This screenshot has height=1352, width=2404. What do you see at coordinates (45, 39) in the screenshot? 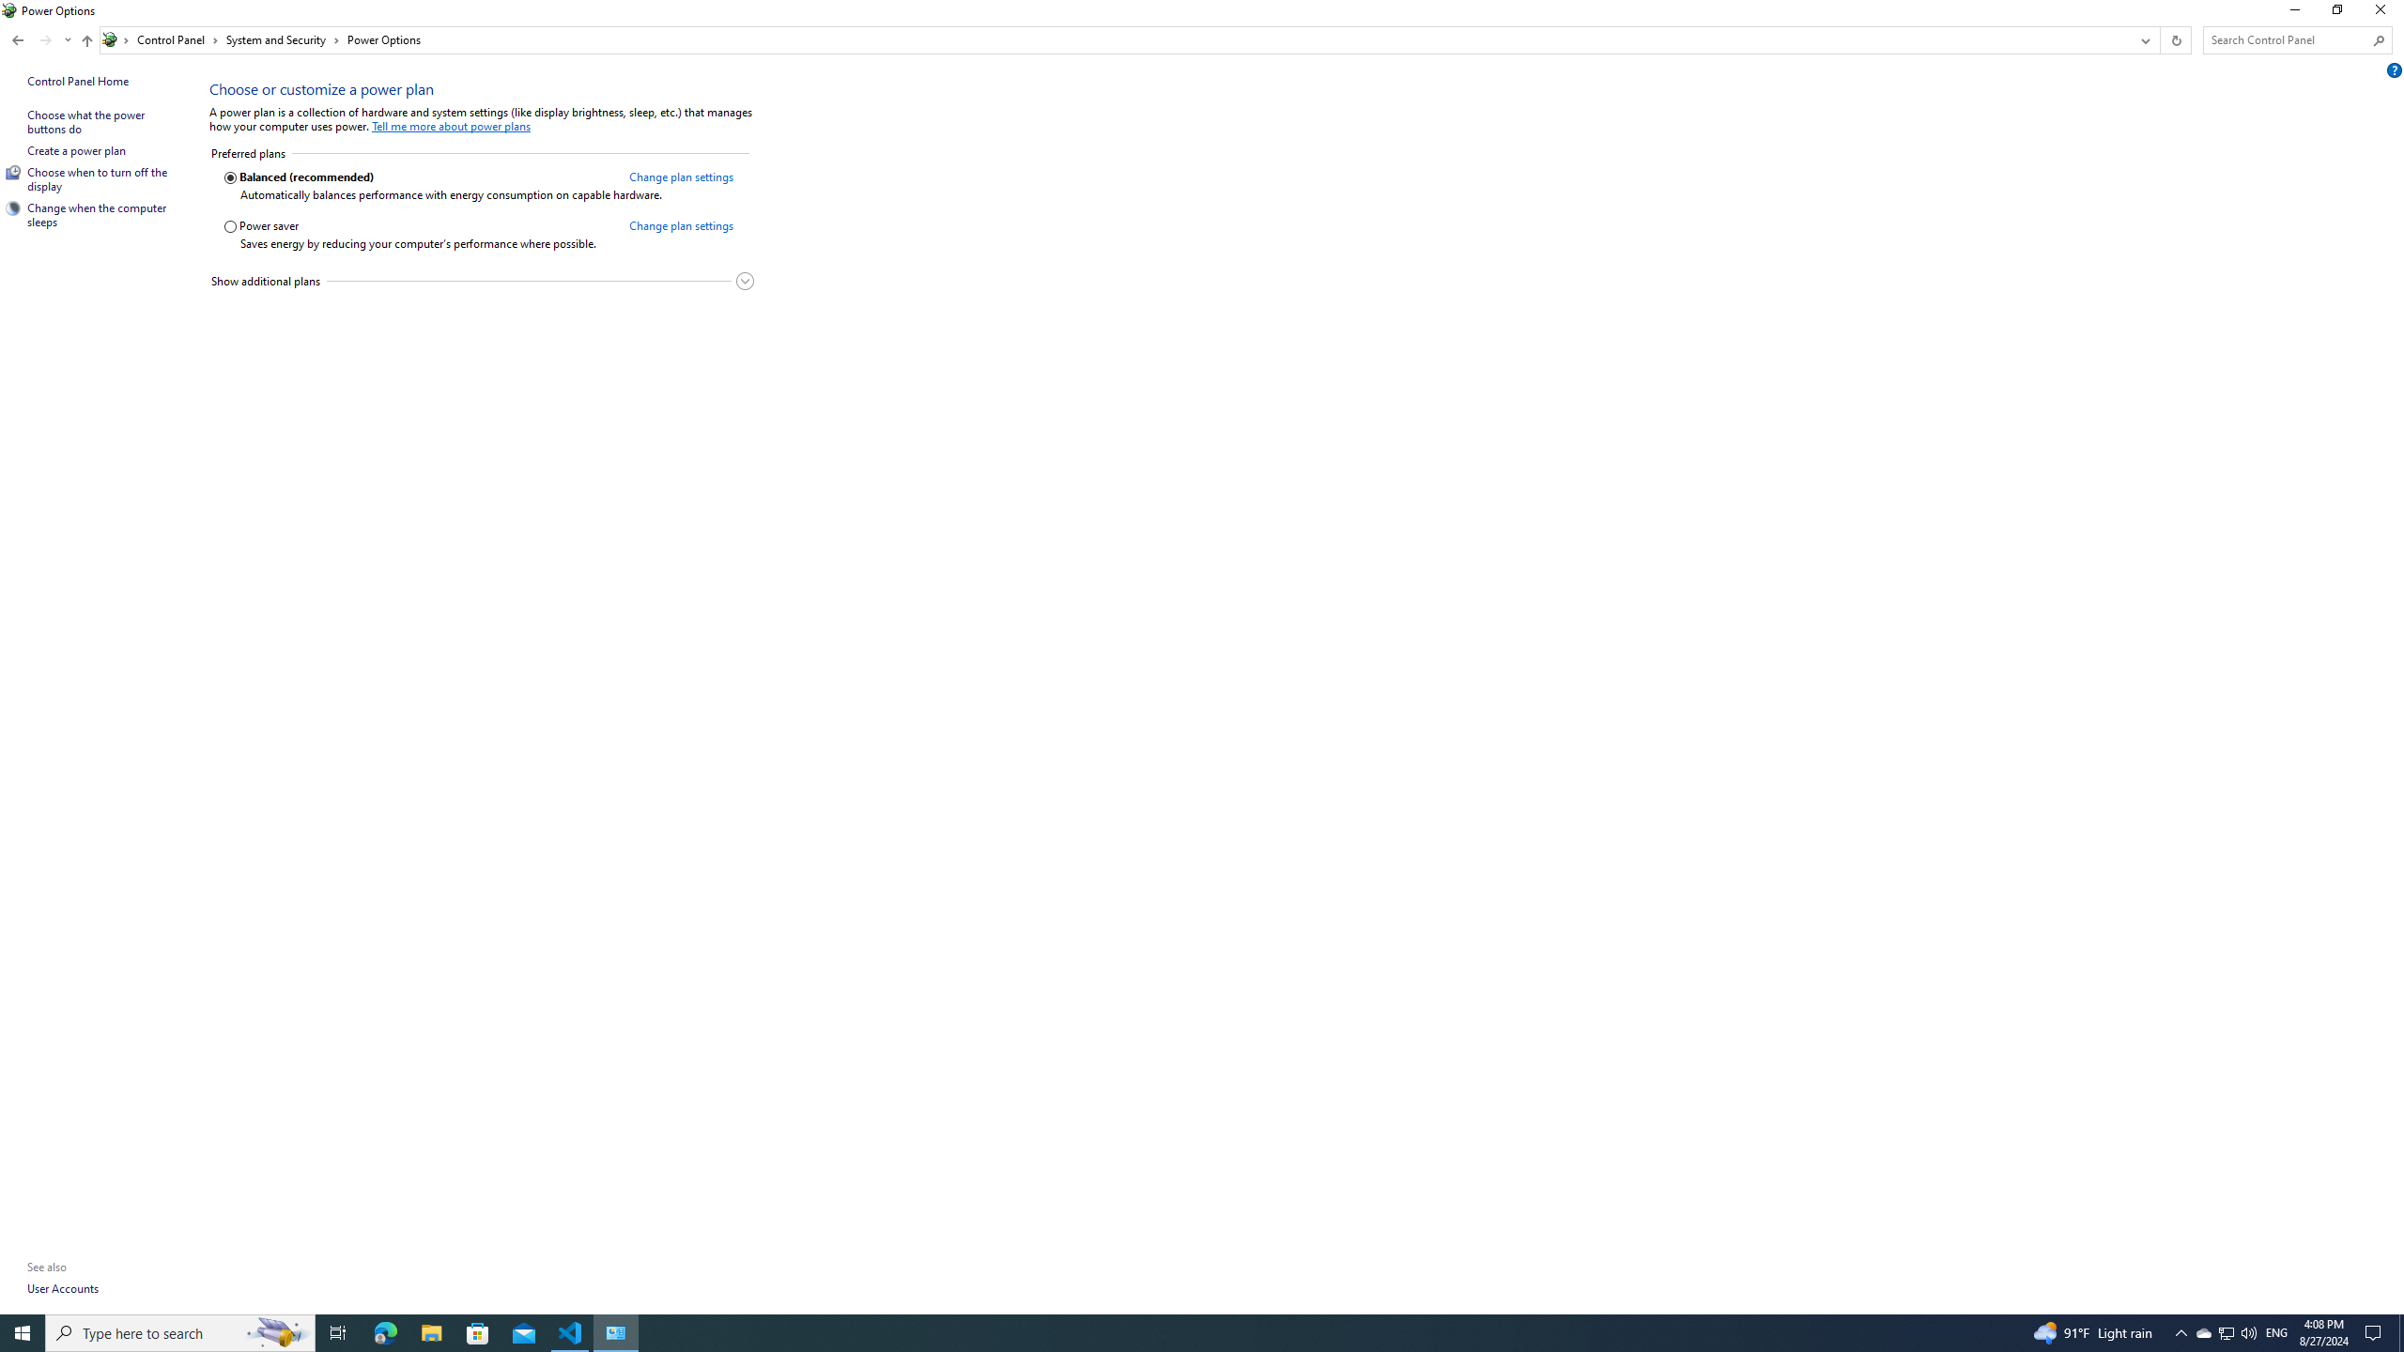
I see `'Forward (Alt + Right Arrow)'` at bounding box center [45, 39].